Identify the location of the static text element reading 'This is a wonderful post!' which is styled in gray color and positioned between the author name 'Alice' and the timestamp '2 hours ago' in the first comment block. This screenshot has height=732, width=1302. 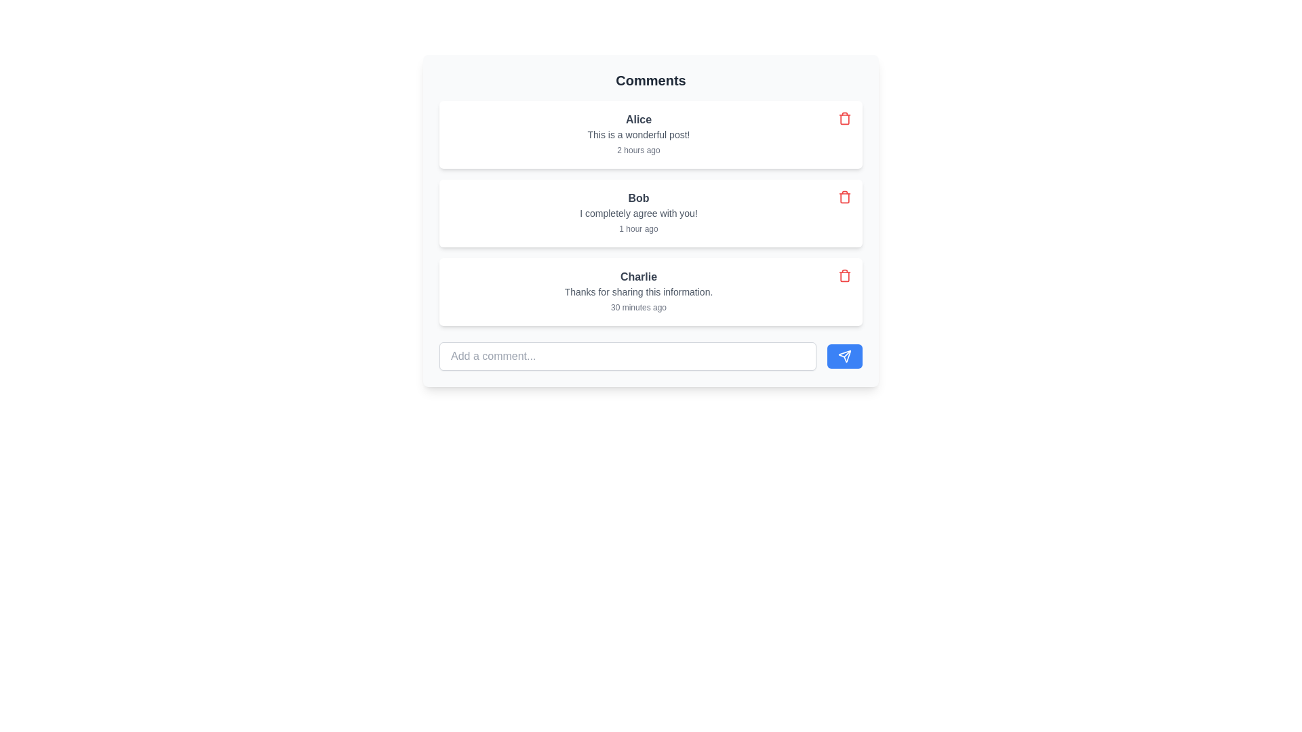
(637, 135).